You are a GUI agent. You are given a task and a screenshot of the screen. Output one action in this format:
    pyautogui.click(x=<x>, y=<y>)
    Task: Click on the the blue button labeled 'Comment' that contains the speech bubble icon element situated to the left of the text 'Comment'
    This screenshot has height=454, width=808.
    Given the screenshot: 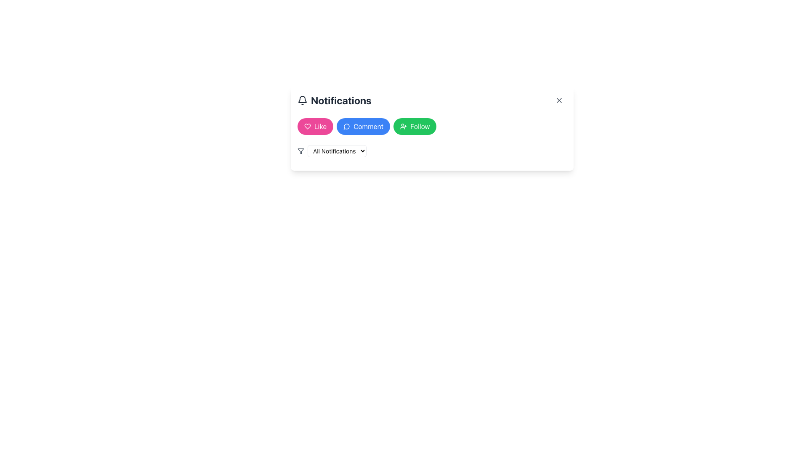 What is the action you would take?
    pyautogui.click(x=347, y=126)
    